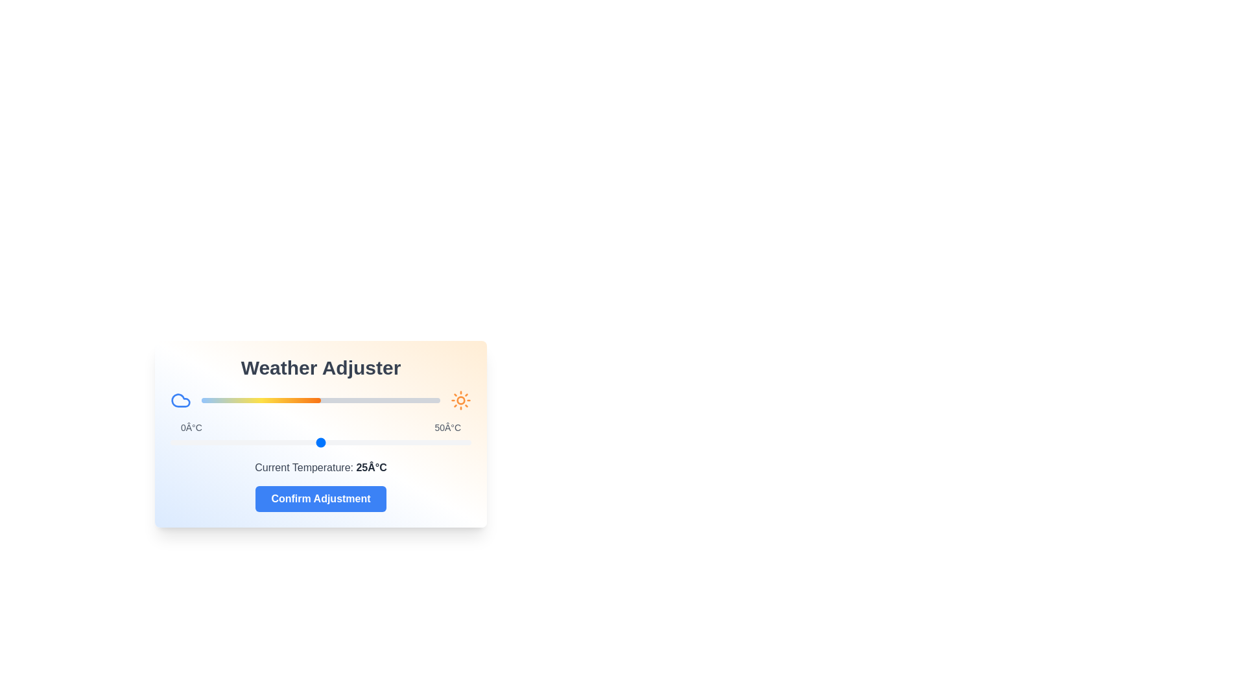 The image size is (1245, 700). I want to click on the temperature slider to set the temperature to 36°C, so click(386, 441).